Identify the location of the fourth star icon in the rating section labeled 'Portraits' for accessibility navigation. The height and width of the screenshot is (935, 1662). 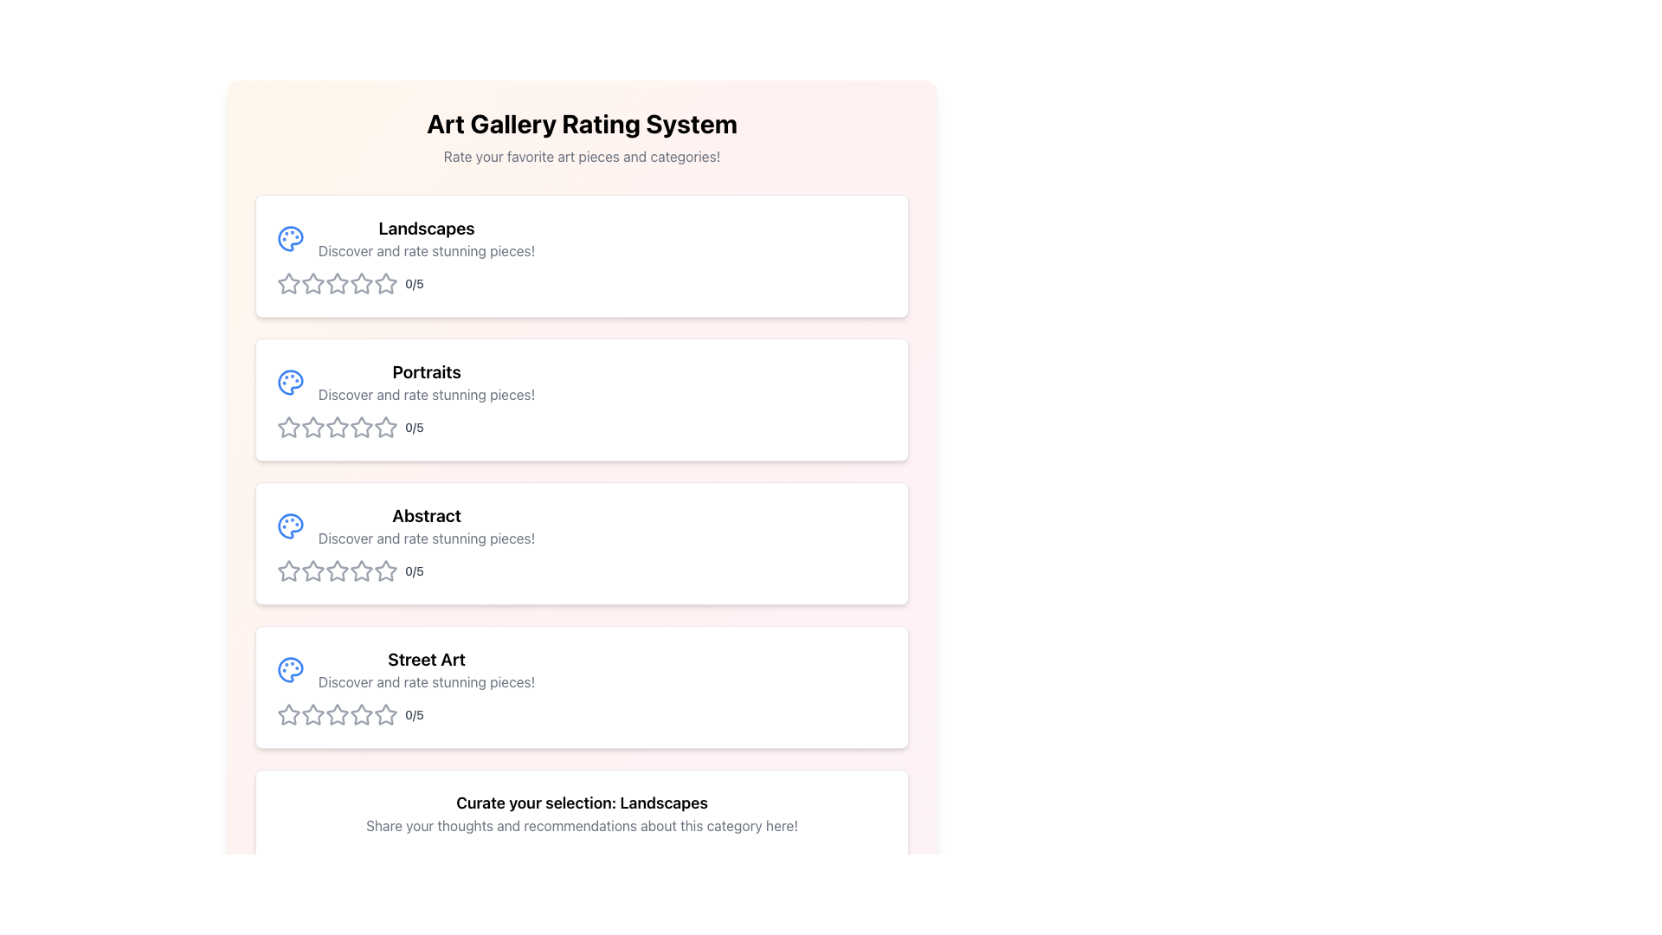
(337, 427).